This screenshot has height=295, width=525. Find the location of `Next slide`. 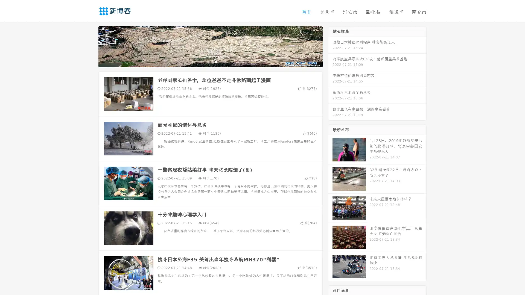

Next slide is located at coordinates (330, 46).